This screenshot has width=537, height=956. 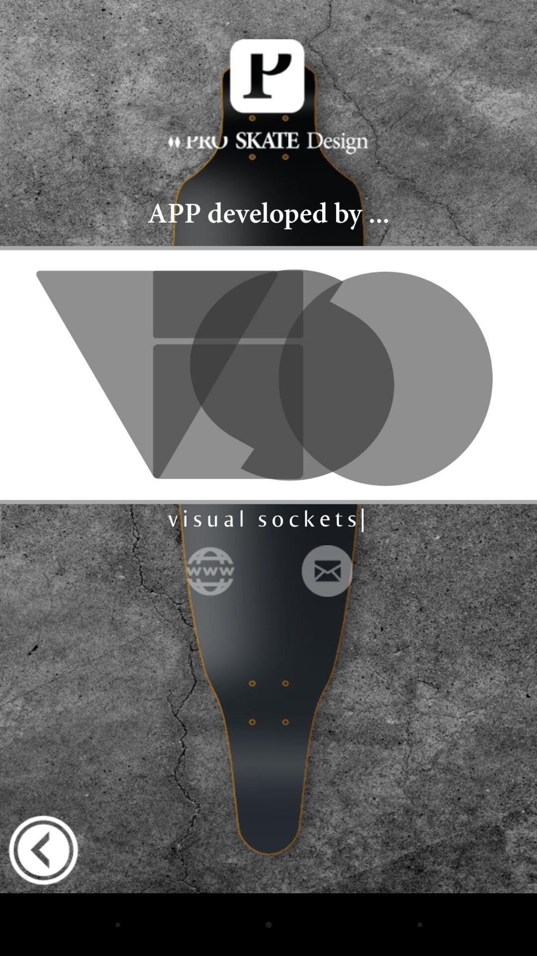 What do you see at coordinates (326, 610) in the screenshot?
I see `the email icon` at bounding box center [326, 610].